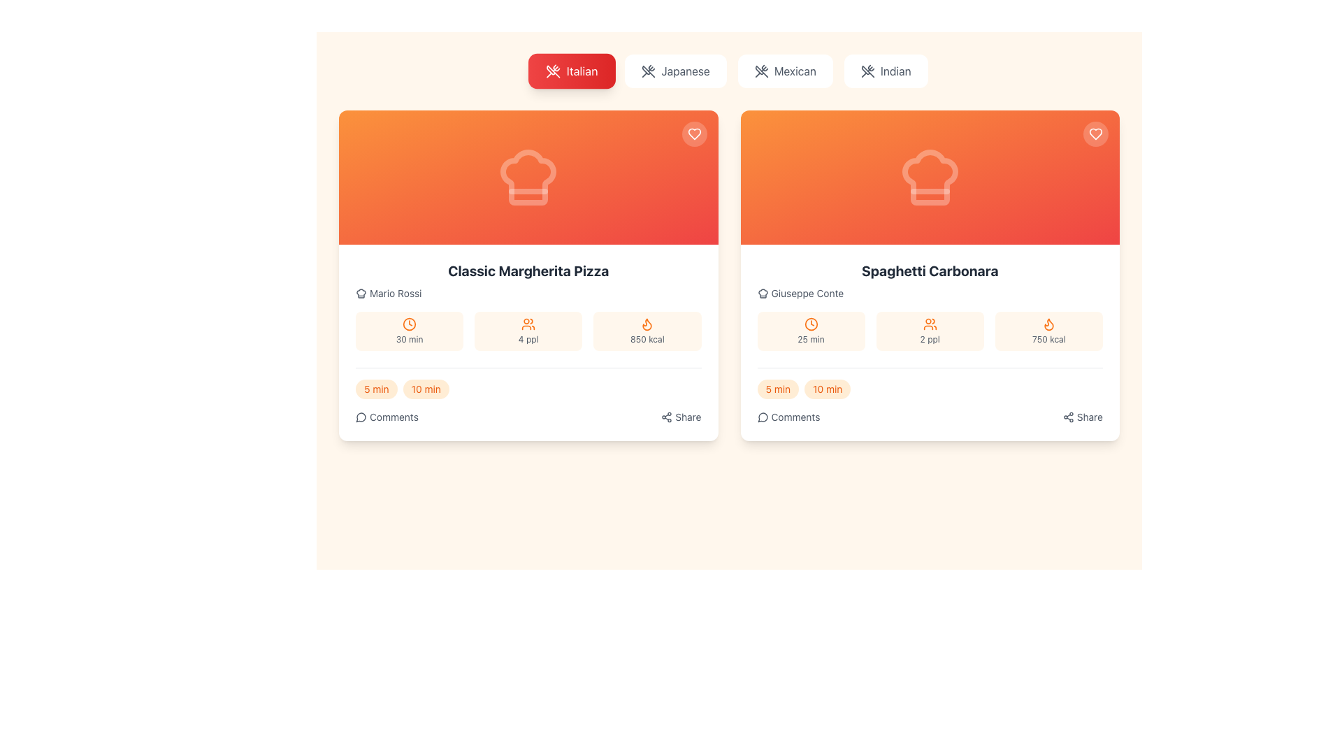 This screenshot has height=755, width=1342. What do you see at coordinates (409, 331) in the screenshot?
I see `the Information box that displays the estimated preparation or cooking time for the recipe of the 'Classic Margherita Pizza', which is the first of three boxes aligned in a row` at bounding box center [409, 331].